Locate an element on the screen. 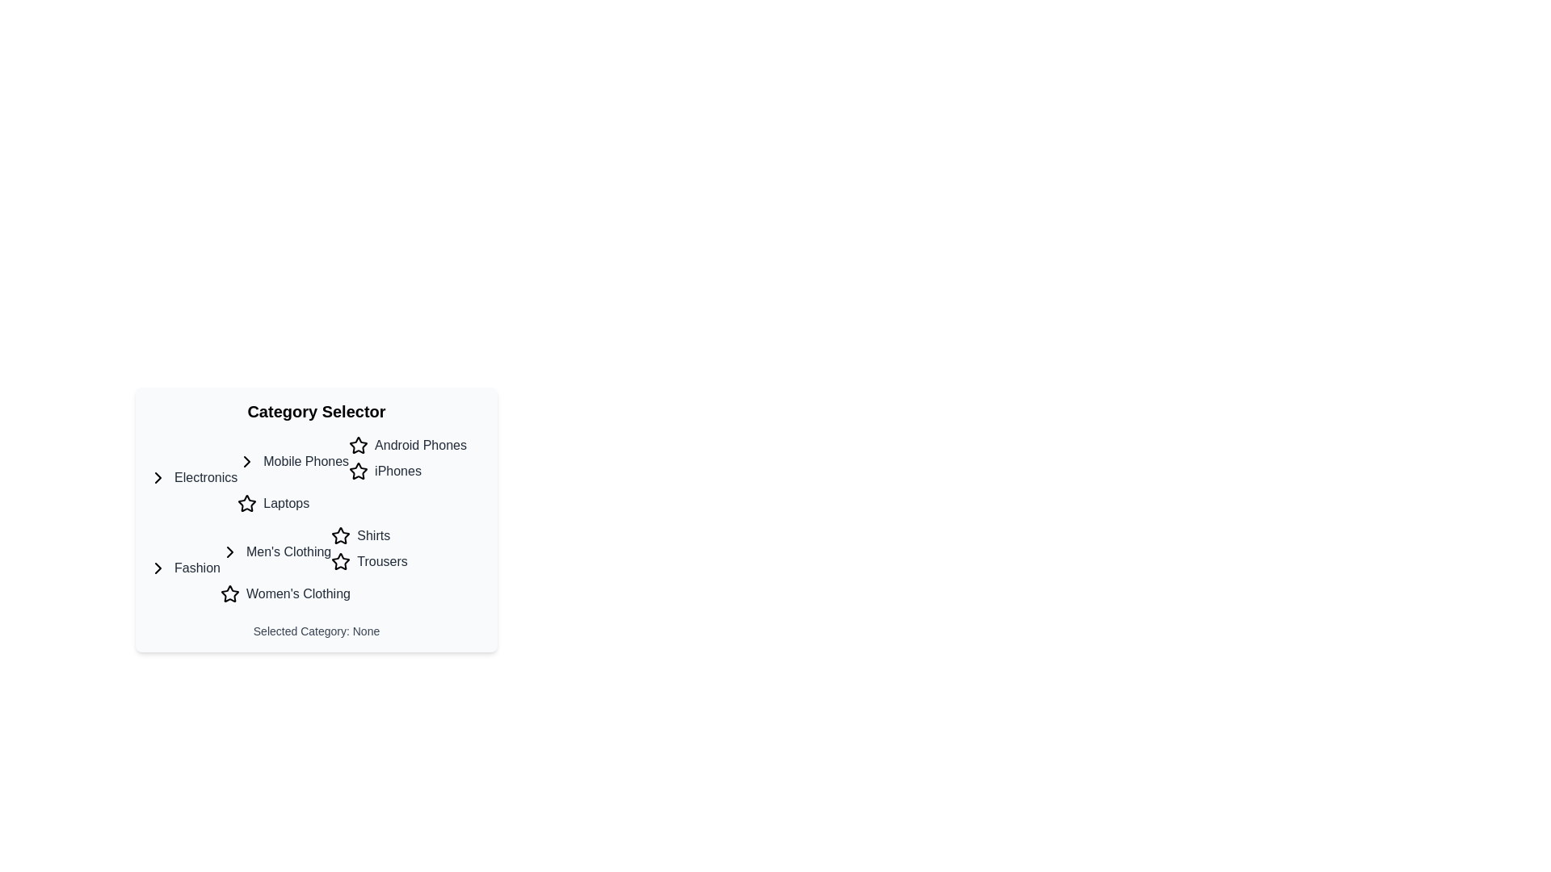  the 'Android Phones' text label that is styled in medium-weight font and has a star-shaped icon preceding it is located at coordinates (407, 445).